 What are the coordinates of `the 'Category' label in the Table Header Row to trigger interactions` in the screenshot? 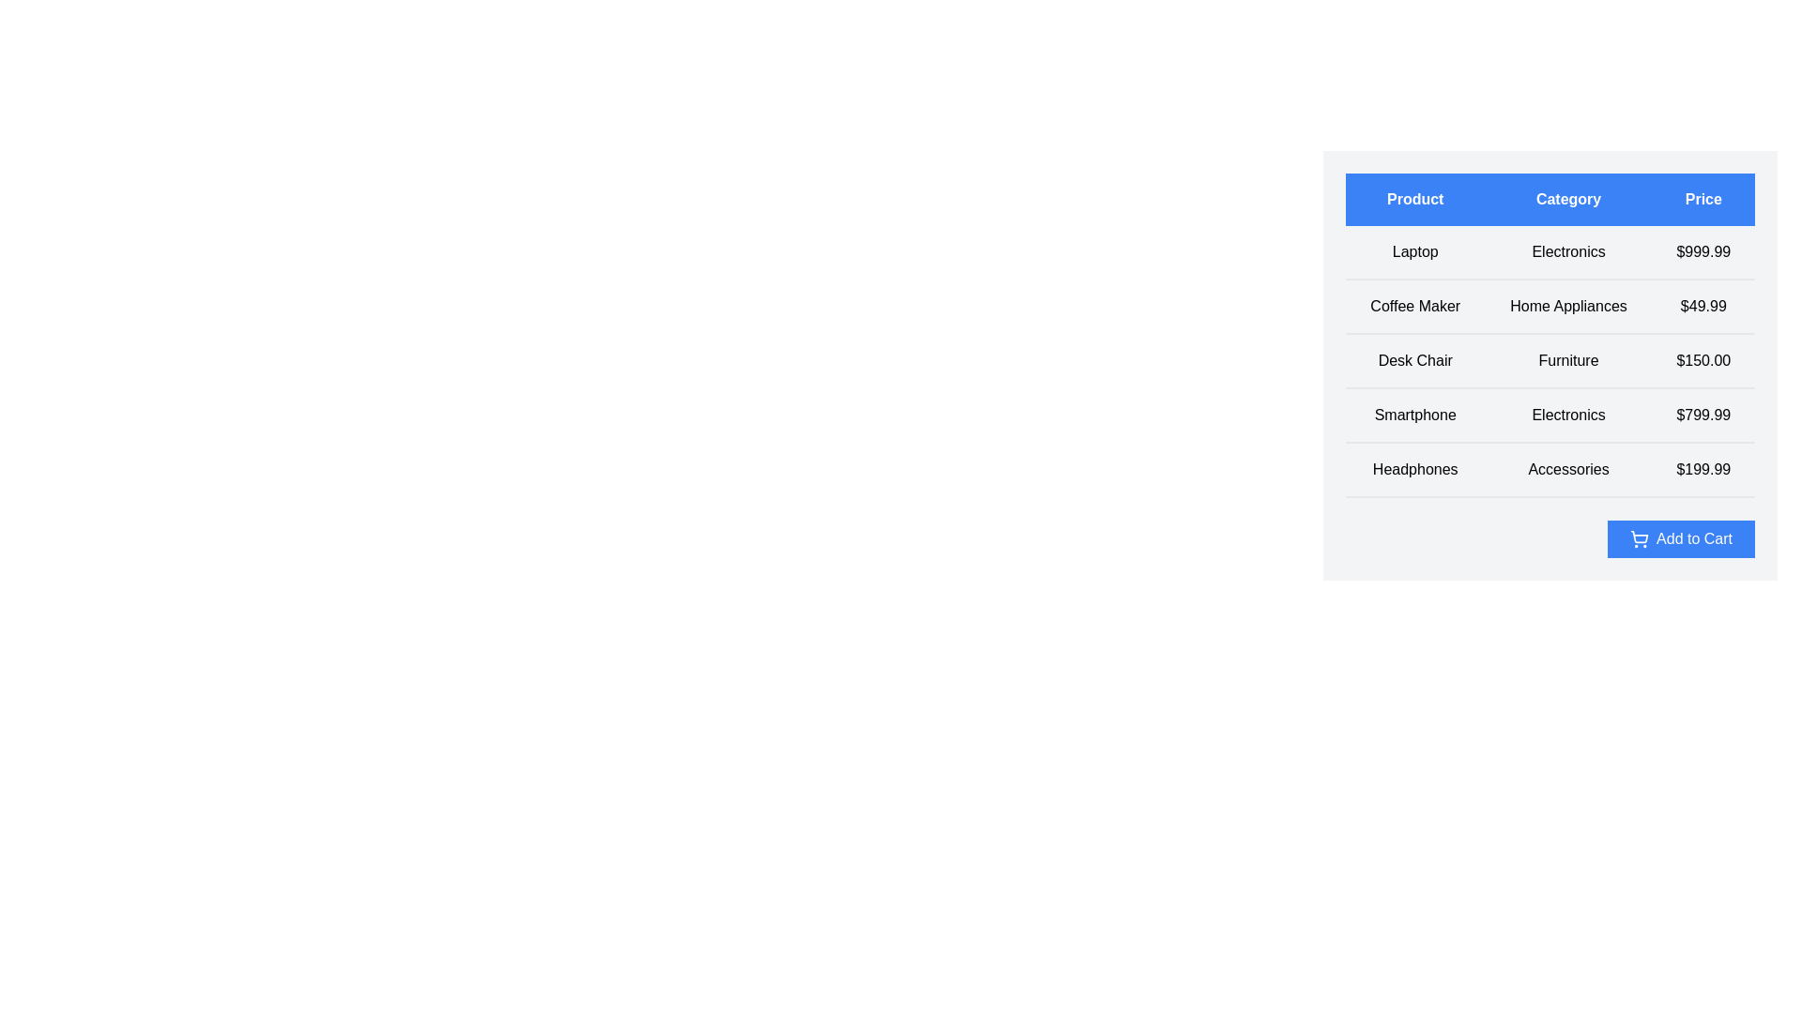 It's located at (1550, 199).